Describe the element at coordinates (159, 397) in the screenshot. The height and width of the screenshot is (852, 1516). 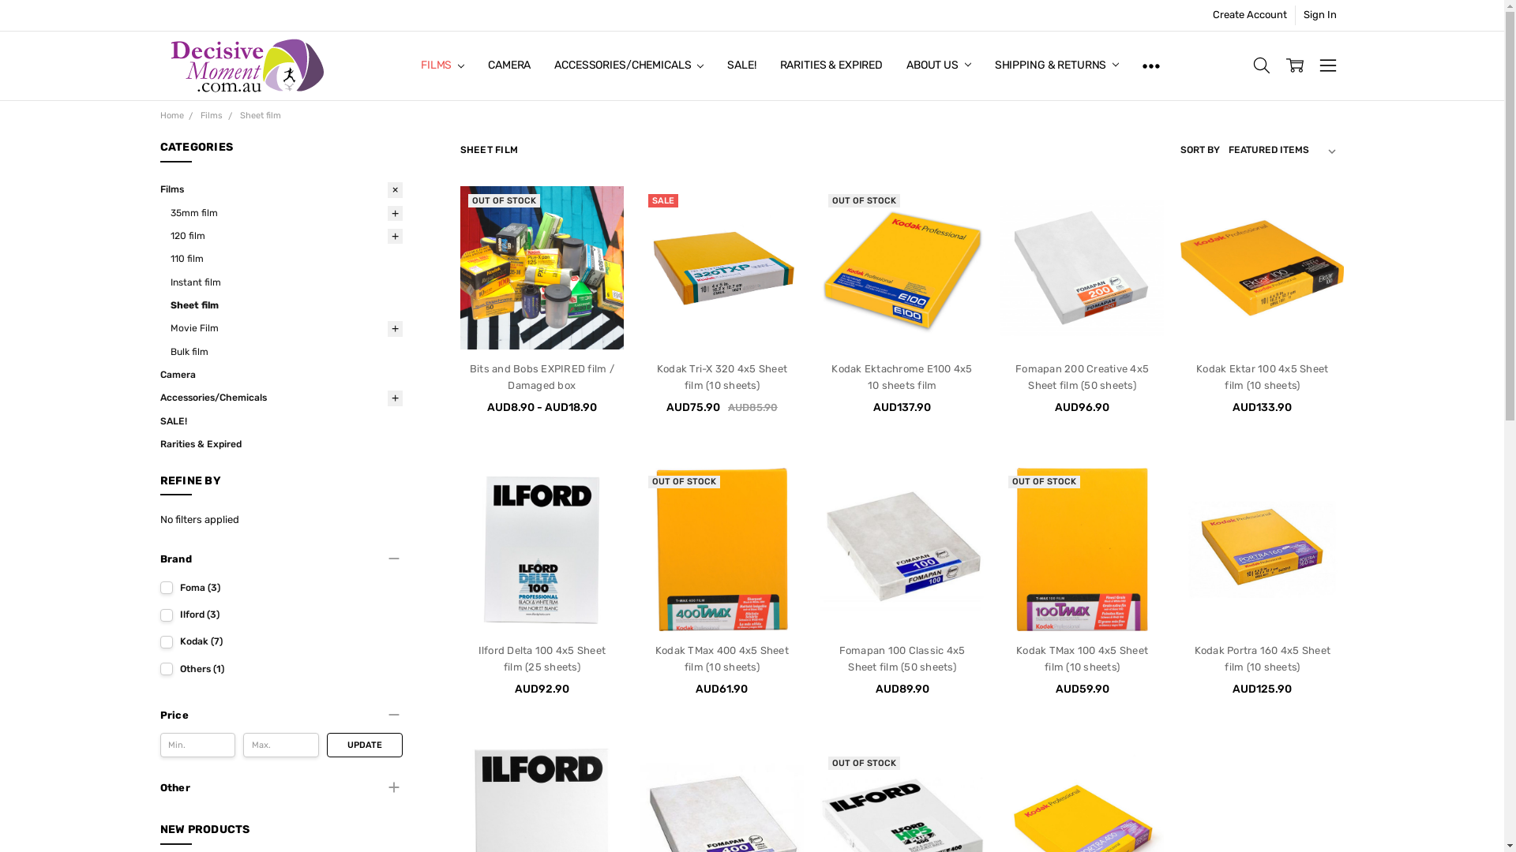
I see `'Accessories/Chemicals'` at that location.